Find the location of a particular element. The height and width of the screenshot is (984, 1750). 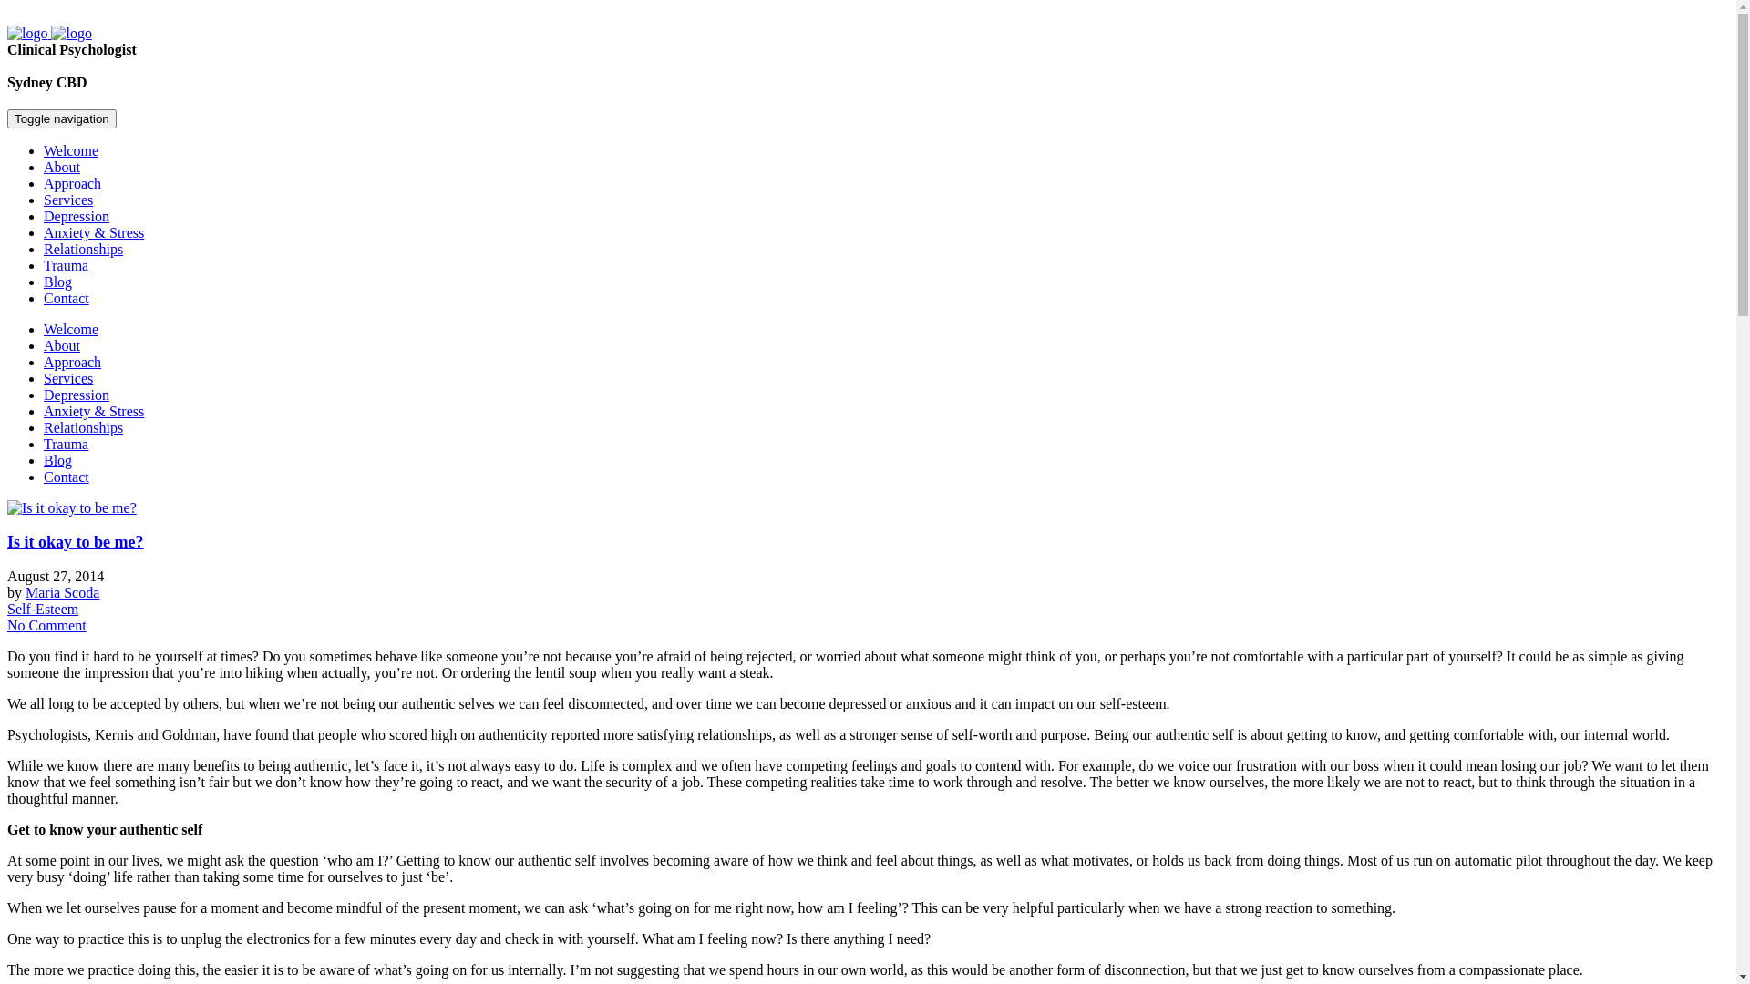

'Approach' is located at coordinates (72, 183).